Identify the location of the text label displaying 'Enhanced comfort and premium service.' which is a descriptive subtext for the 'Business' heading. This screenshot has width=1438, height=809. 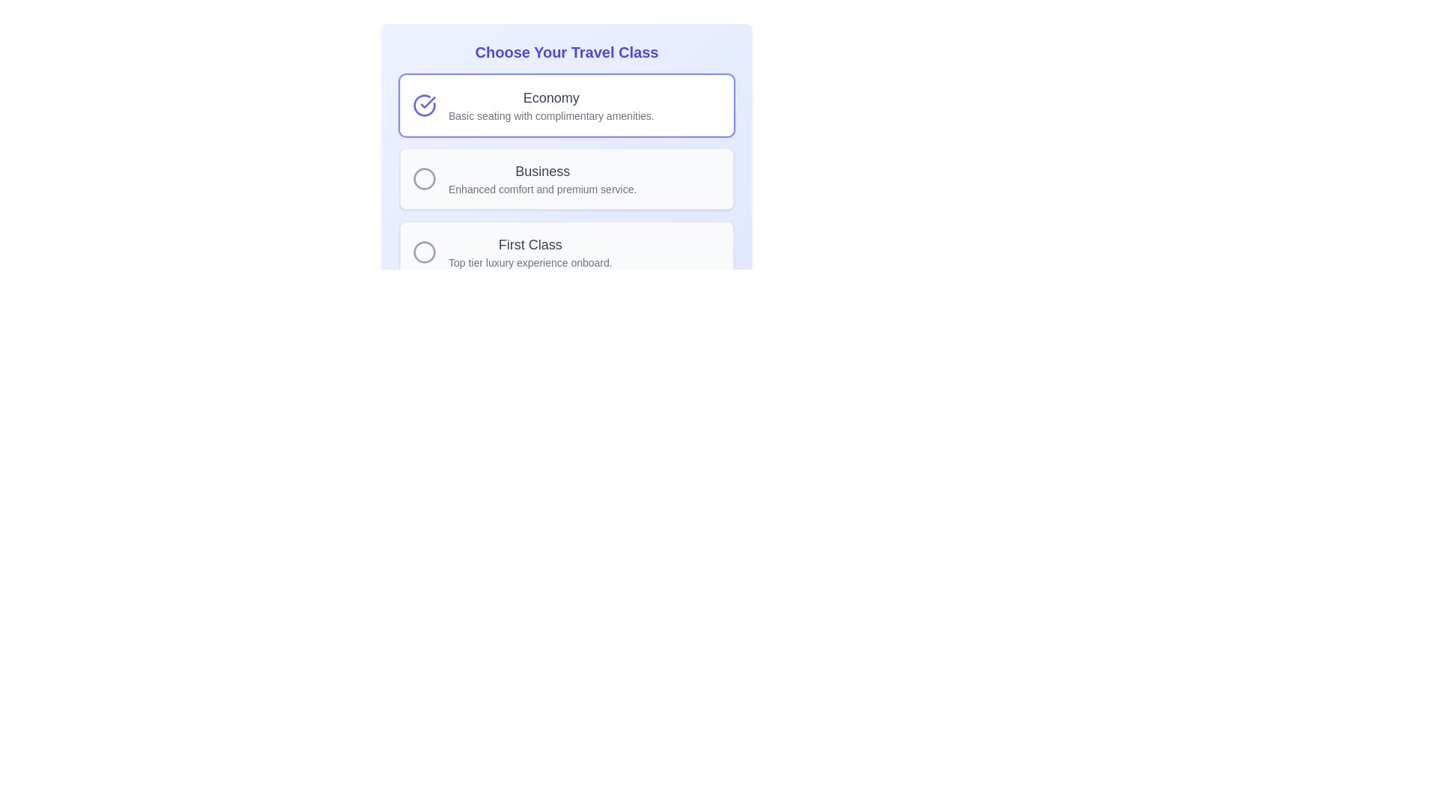
(541, 189).